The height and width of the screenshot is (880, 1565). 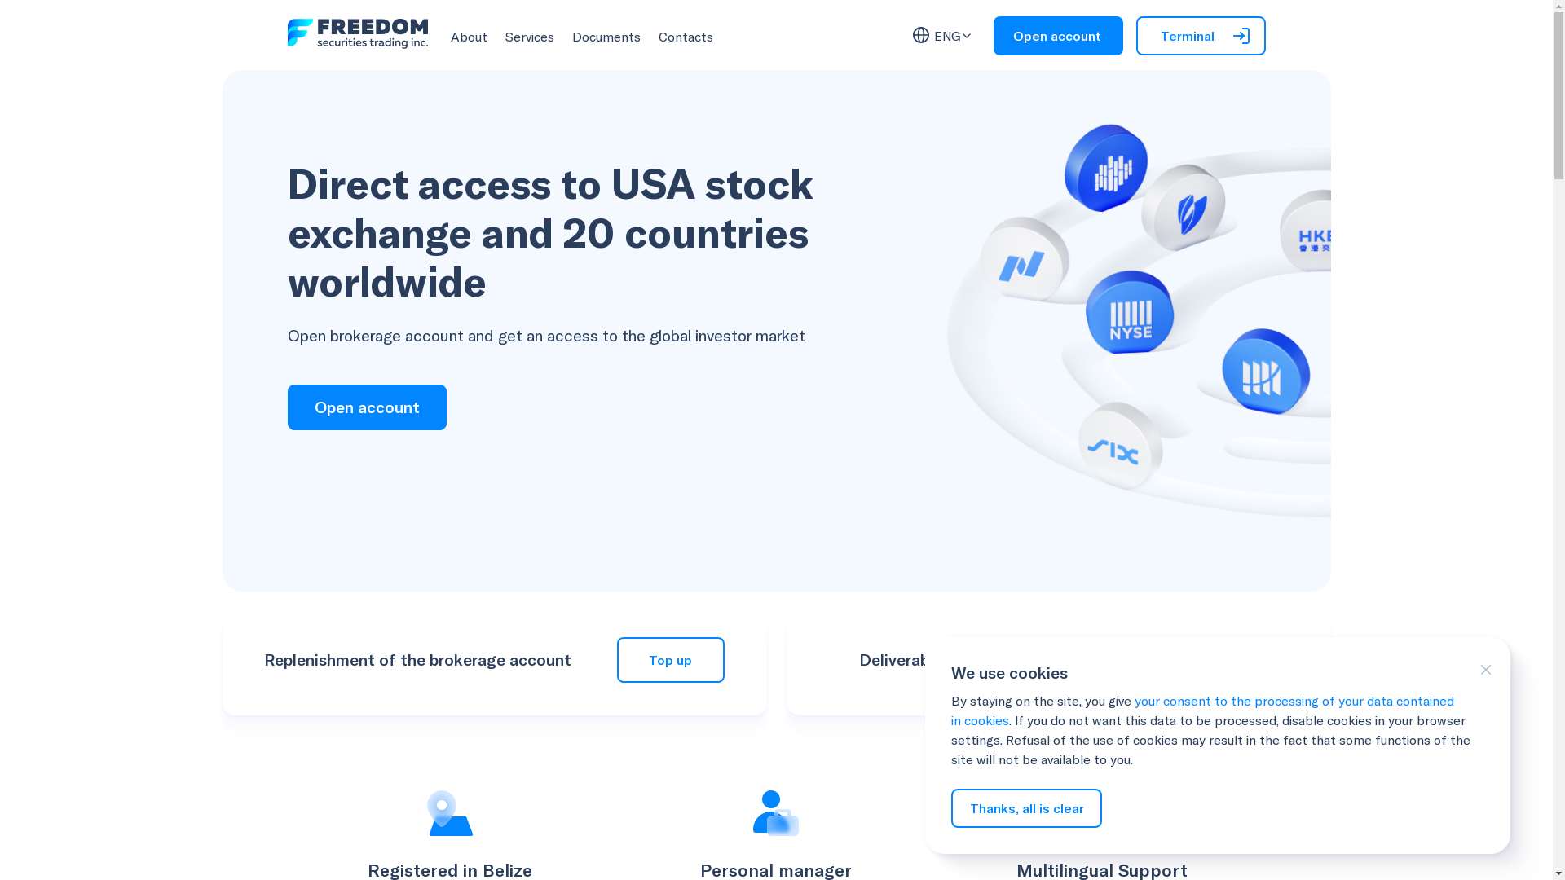 What do you see at coordinates (606, 37) in the screenshot?
I see `'Documents'` at bounding box center [606, 37].